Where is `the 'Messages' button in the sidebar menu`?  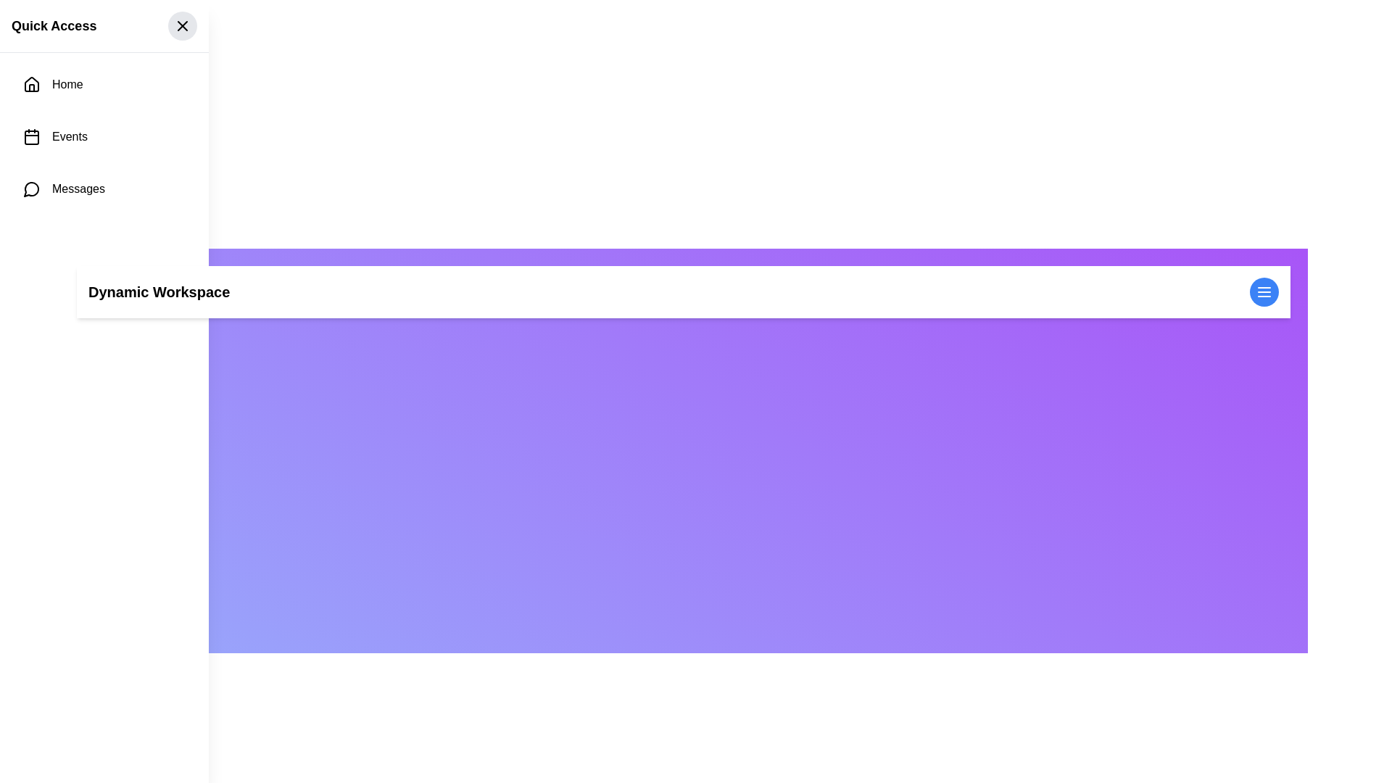 the 'Messages' button in the sidebar menu is located at coordinates (104, 188).